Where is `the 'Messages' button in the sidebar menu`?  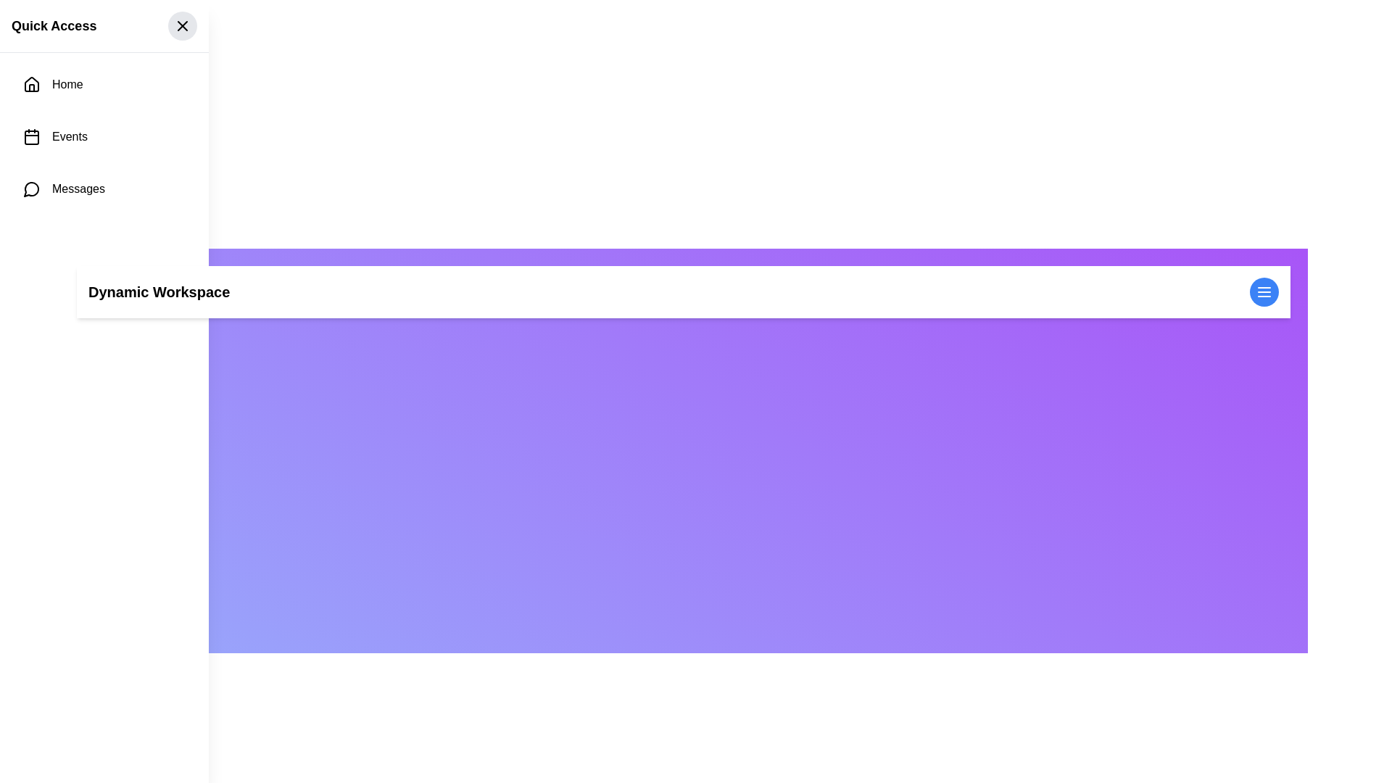 the 'Messages' button in the sidebar menu is located at coordinates (104, 188).